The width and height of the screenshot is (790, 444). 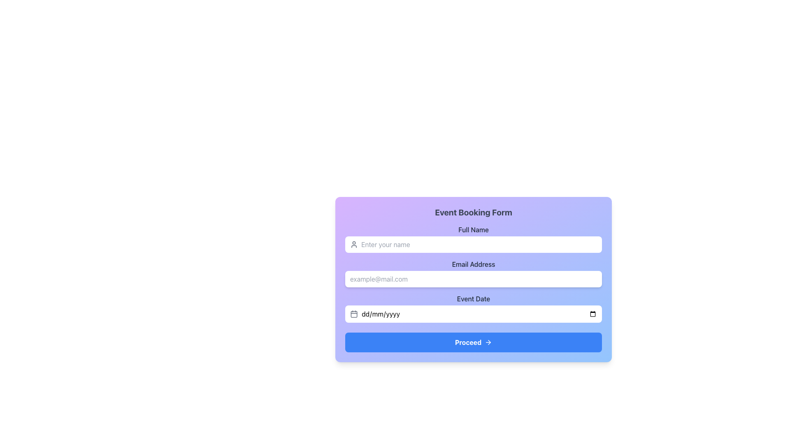 I want to click on the non-interactive text label indicating the purpose of the adjacent email input field in the 'Email Address' section of the event booking form, so click(x=474, y=264).